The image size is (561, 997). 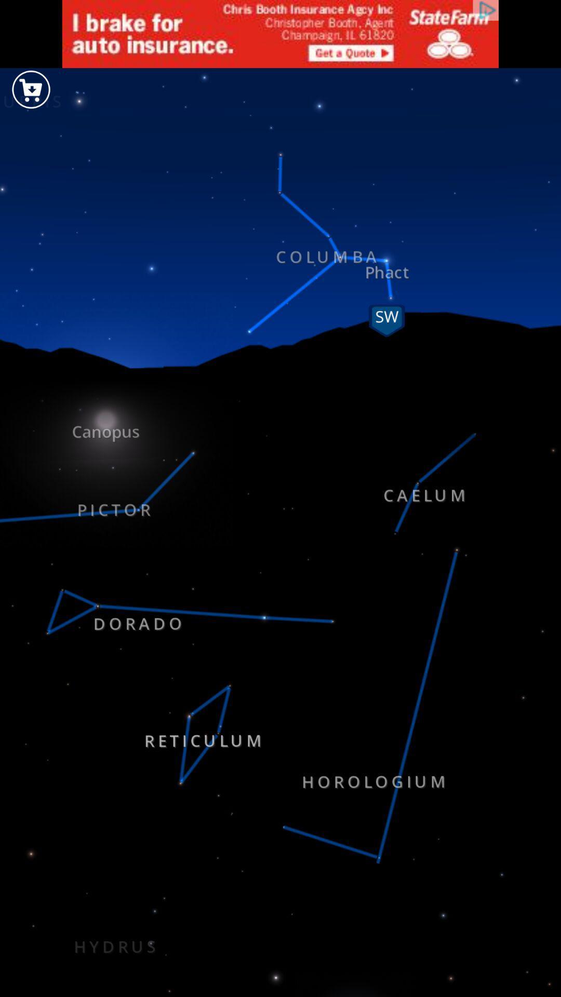 What do you see at coordinates (31, 89) in the screenshot?
I see `the cart icon` at bounding box center [31, 89].